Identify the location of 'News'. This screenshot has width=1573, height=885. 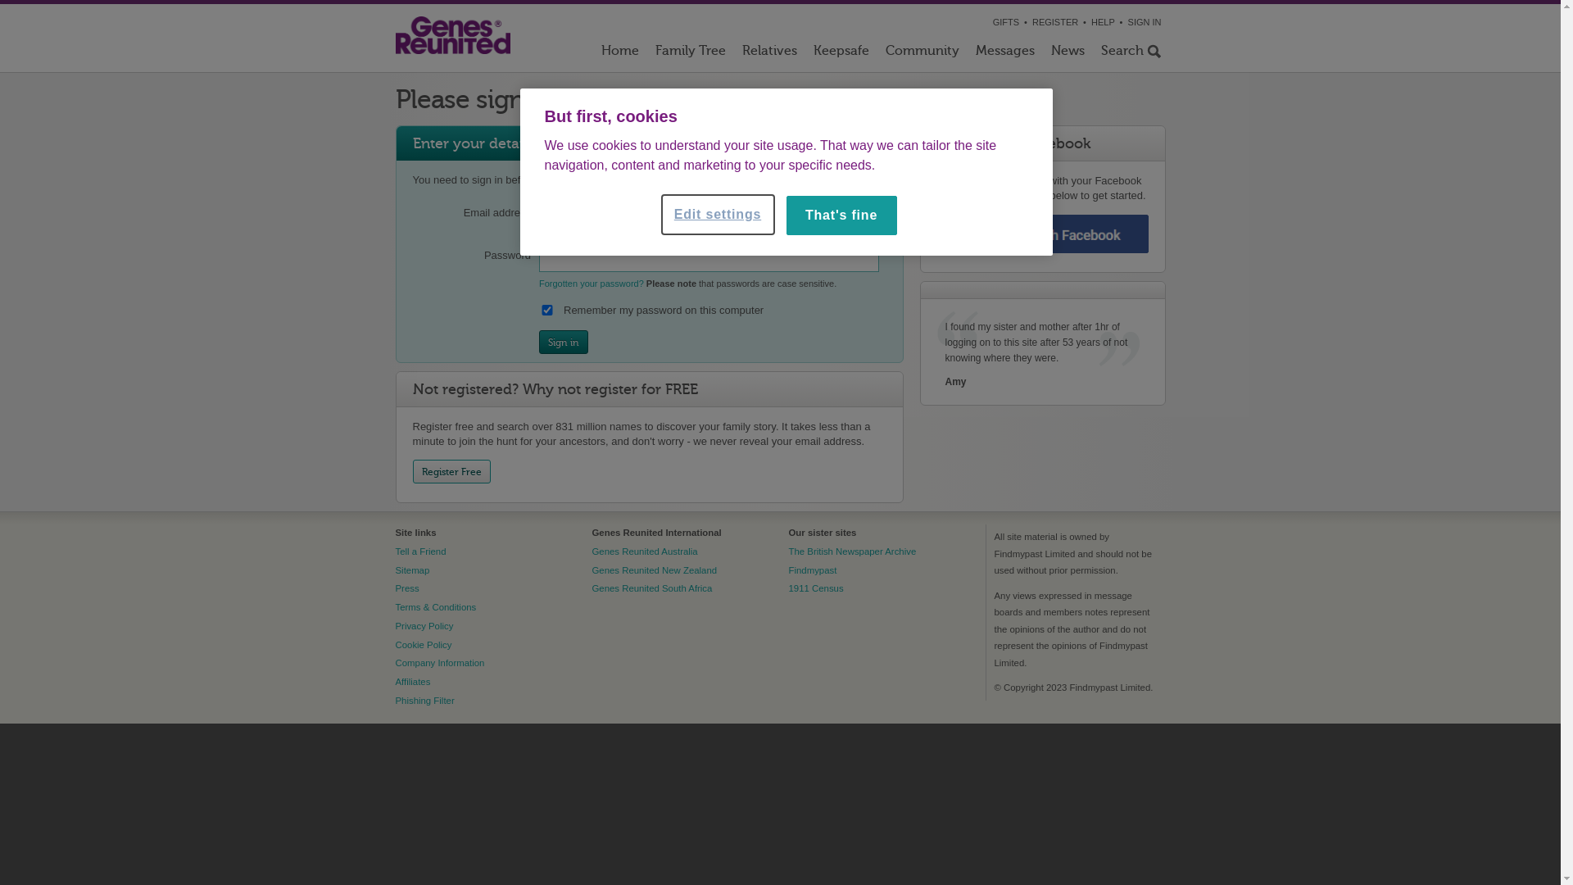
(1041, 53).